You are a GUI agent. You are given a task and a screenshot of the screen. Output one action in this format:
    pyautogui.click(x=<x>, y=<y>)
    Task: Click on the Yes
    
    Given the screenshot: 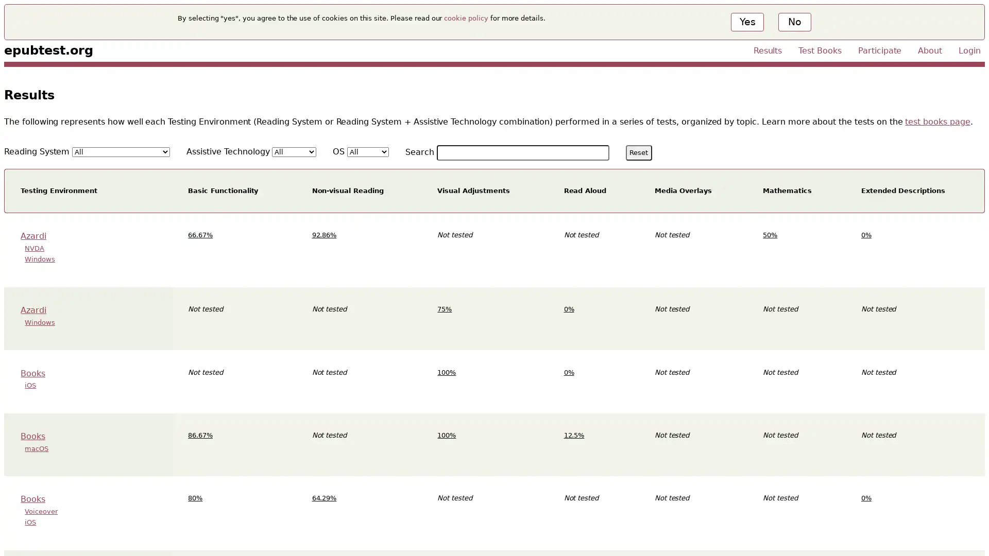 What is the action you would take?
    pyautogui.click(x=747, y=22)
    